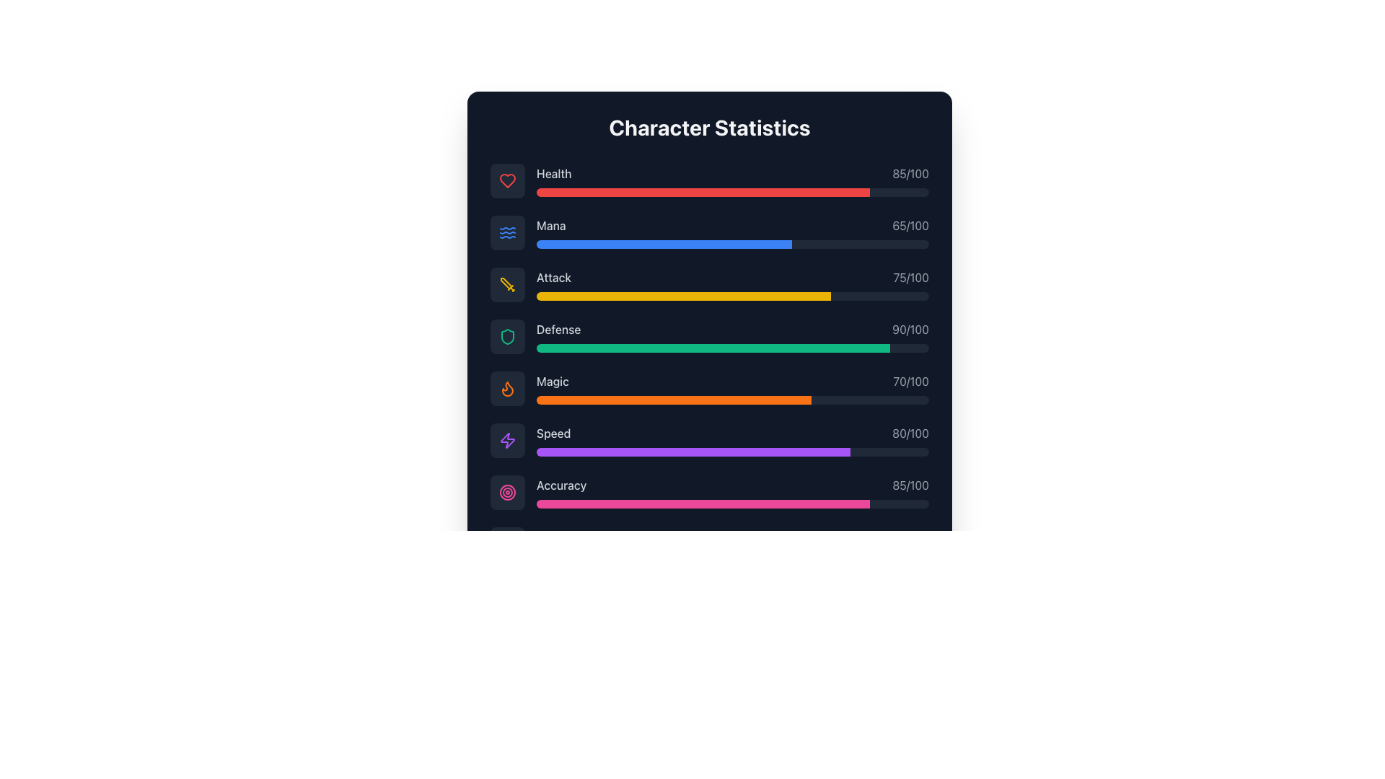  What do you see at coordinates (733, 296) in the screenshot?
I see `the progress bar indicating the 'Attack' statistic, which visually displays the current score of 75 out of 100, located in the center region of the interface between the label 'Attack' and the value '75/100'` at bounding box center [733, 296].